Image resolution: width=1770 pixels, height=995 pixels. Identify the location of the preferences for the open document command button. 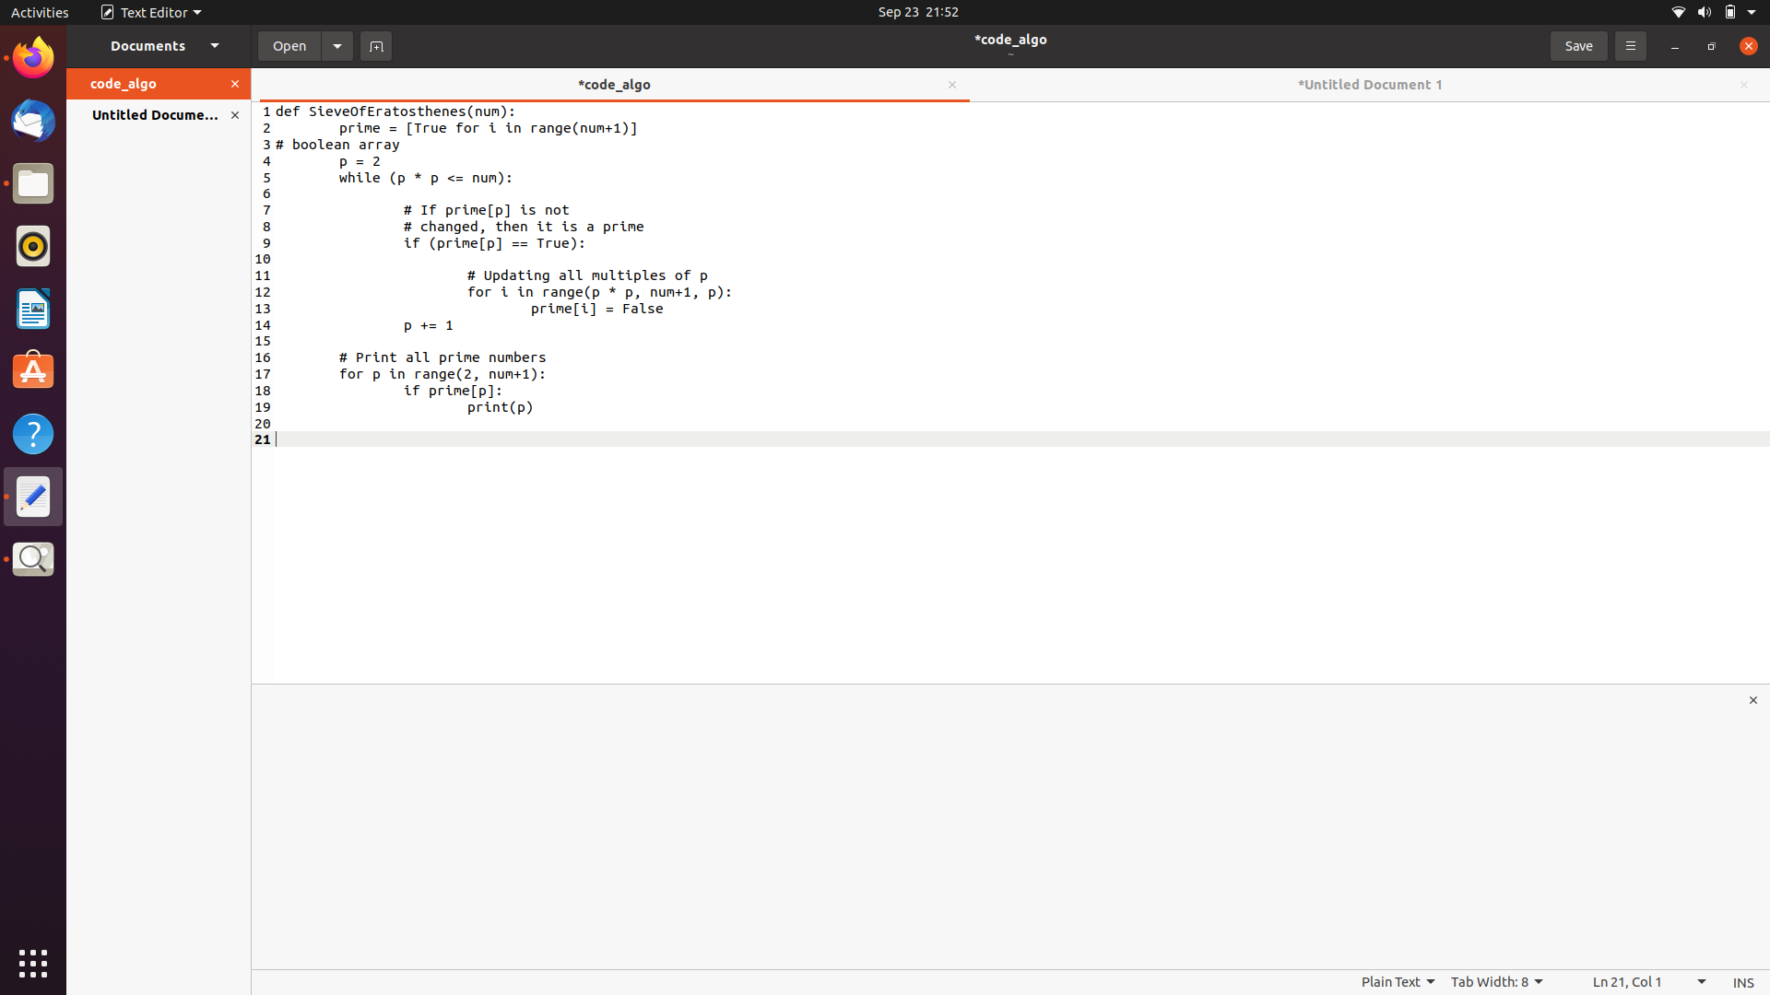
(337, 44).